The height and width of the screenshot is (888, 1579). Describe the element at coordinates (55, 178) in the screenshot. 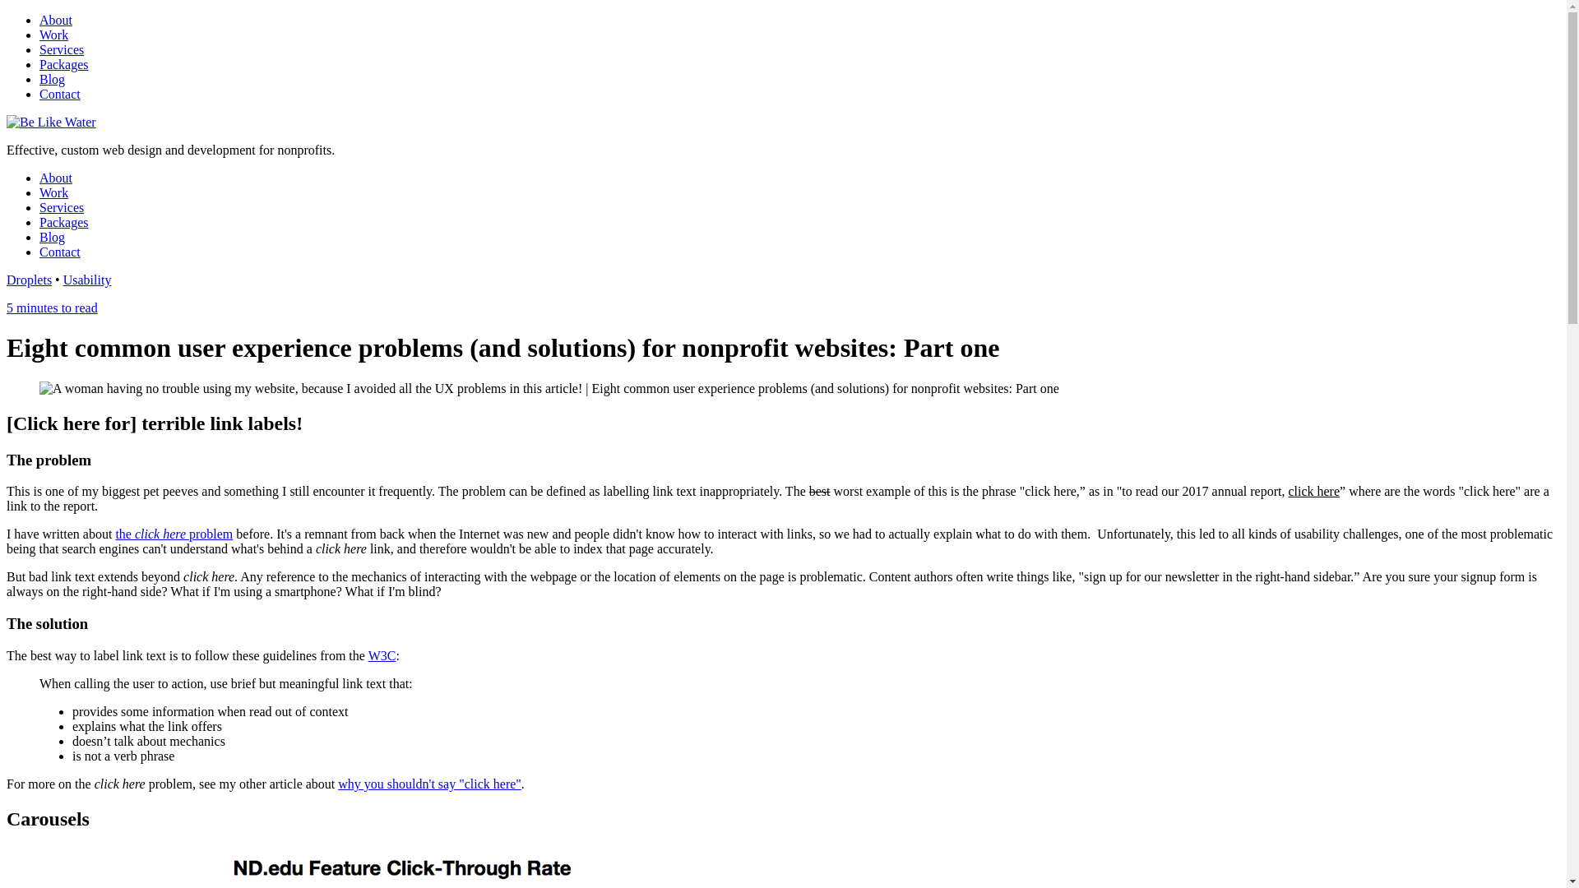

I see `'About'` at that location.